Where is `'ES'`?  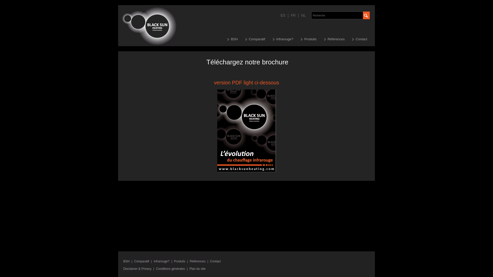
'ES' is located at coordinates (280, 15).